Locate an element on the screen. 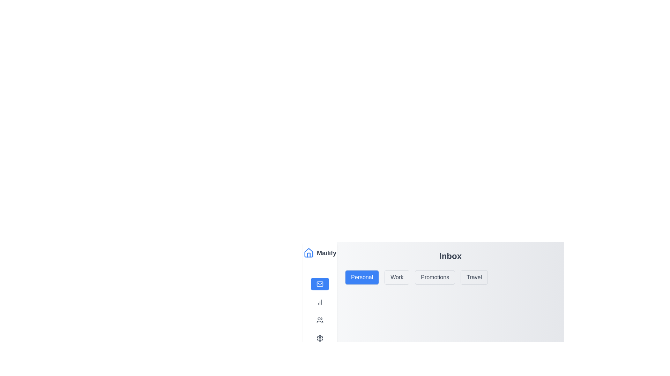 This screenshot has width=670, height=376. the Profile button, which is represented by an icon of two user silhouettes and the text 'Profile', located as the third interactive item in the vertical group of controls on the left-hand side of the interface is located at coordinates (319, 320).